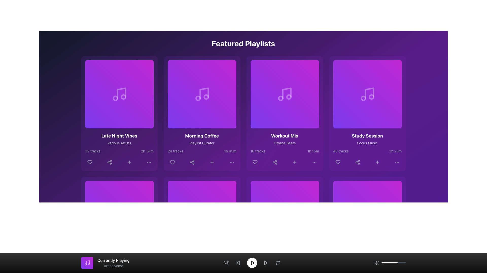 The image size is (487, 273). What do you see at coordinates (192, 162) in the screenshot?
I see `the share button icon located beneath the title 'Morning Coffee'` at bounding box center [192, 162].